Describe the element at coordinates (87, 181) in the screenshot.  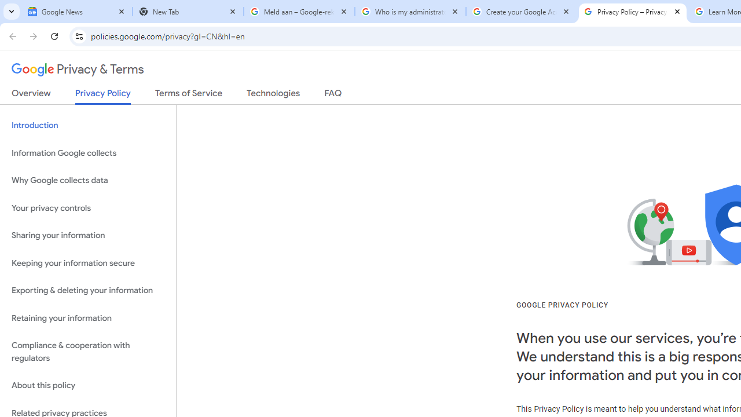
I see `'Why Google collects data'` at that location.